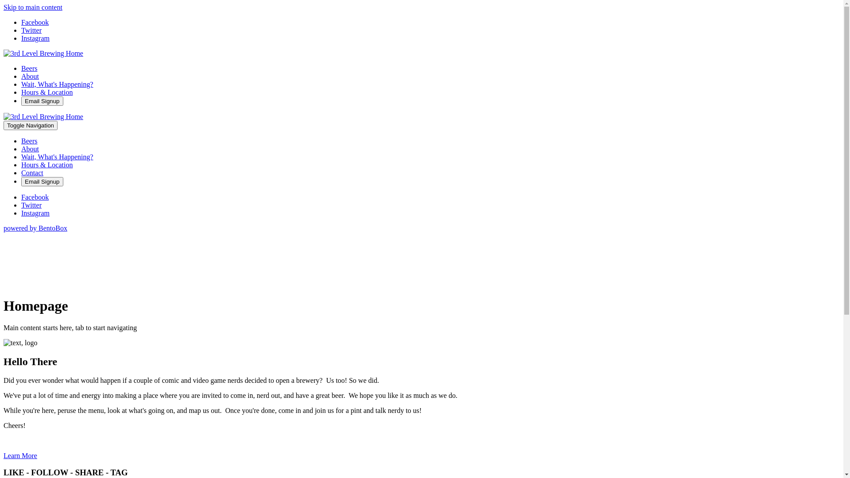  What do you see at coordinates (21, 156) in the screenshot?
I see `'Wait, What's Happening?'` at bounding box center [21, 156].